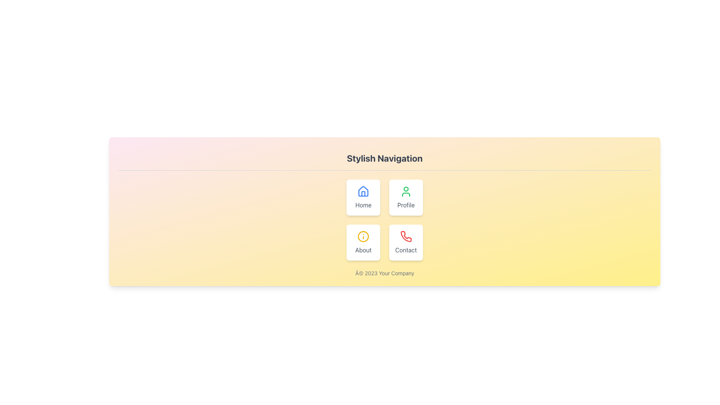 The image size is (720, 405). I want to click on the Profile section icon, which is located on the Profile card and represents user-related options, positioned above the text 'Profile' in the navigation grid, so click(405, 191).